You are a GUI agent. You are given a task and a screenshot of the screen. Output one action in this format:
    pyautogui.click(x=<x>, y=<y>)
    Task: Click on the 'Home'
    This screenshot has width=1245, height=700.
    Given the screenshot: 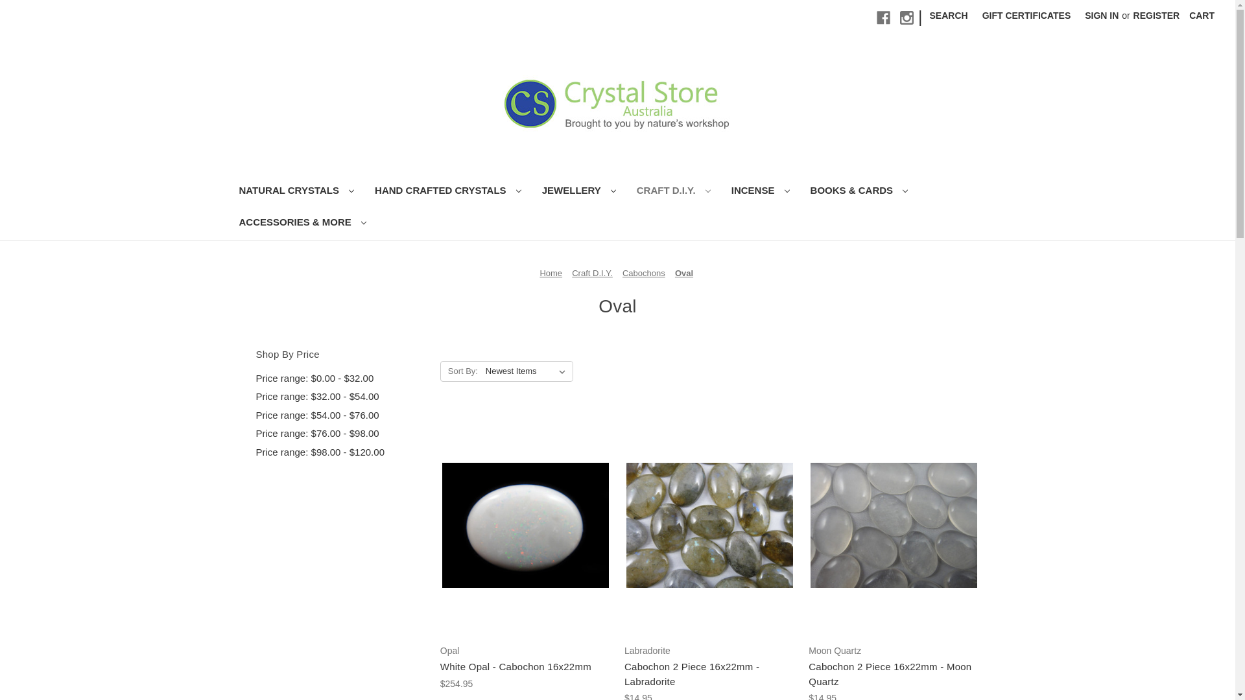 What is the action you would take?
    pyautogui.click(x=551, y=272)
    